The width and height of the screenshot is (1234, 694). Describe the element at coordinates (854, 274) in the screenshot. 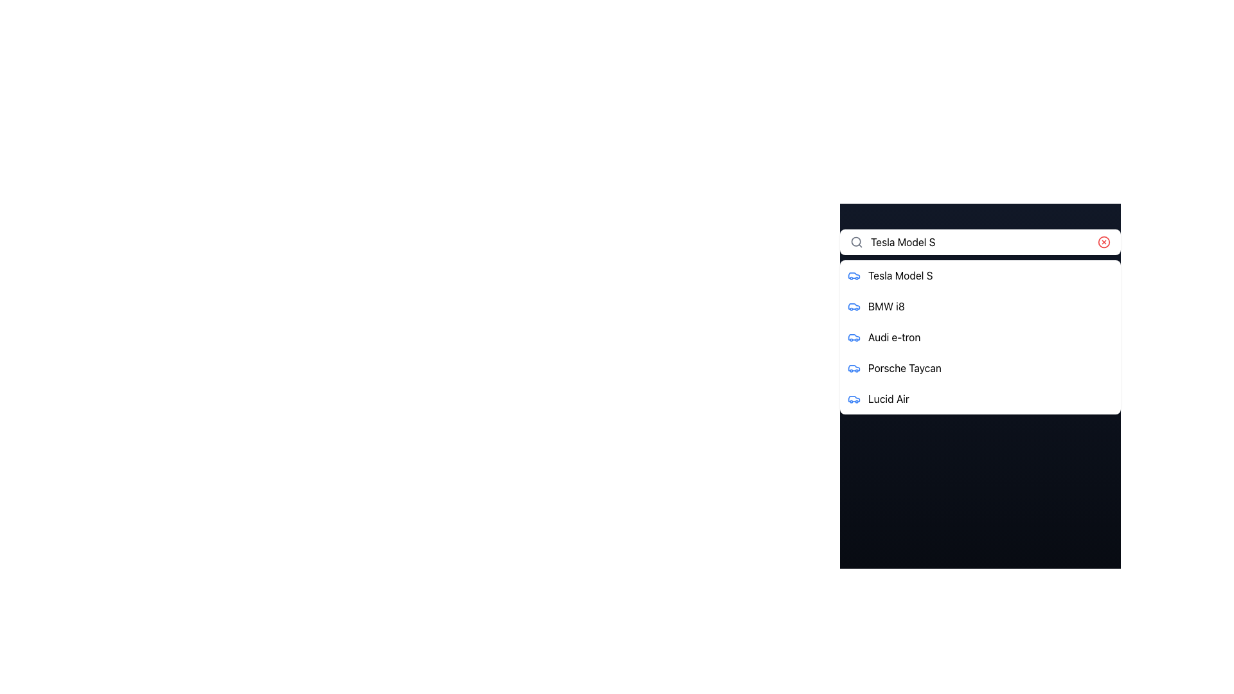

I see `the car icon representing the 'Tesla Model S' list item, which is the first entry in the dropdown list` at that location.